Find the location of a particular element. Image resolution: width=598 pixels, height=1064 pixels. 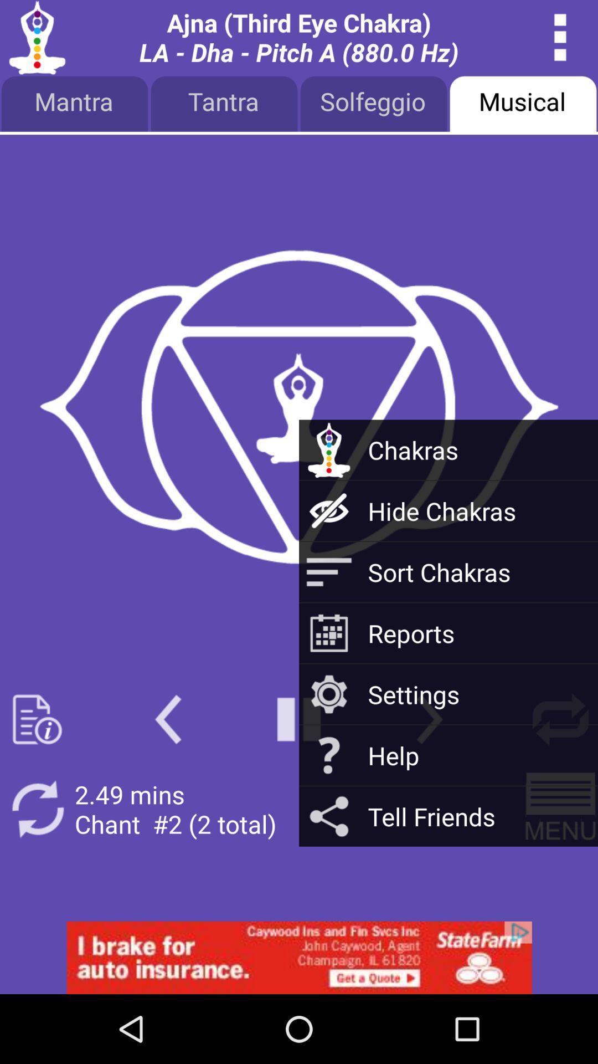

loop button is located at coordinates (560, 719).